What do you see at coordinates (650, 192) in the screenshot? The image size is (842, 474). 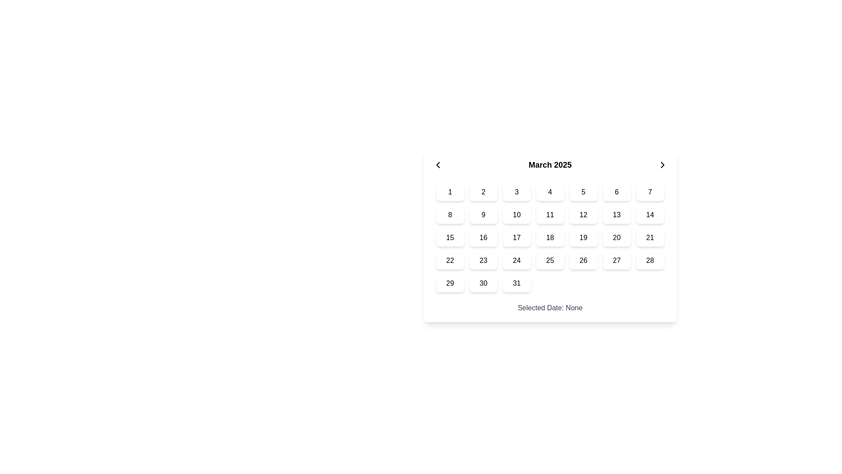 I see `the white, rounded rectangle button labeled '7'` at bounding box center [650, 192].